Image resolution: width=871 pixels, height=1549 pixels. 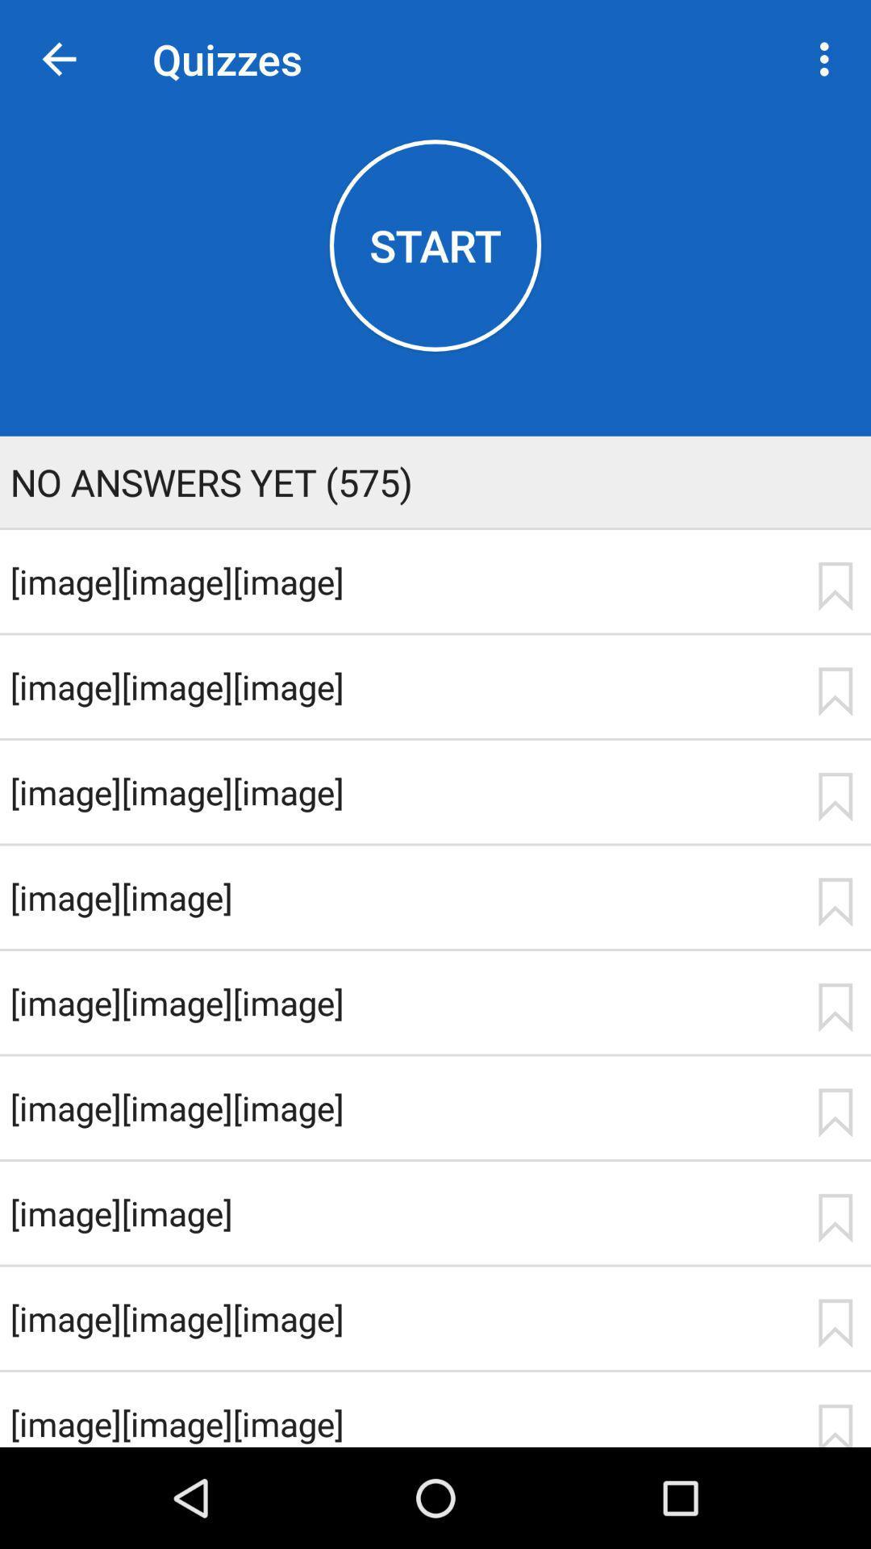 I want to click on first bookmark icon from top, so click(x=835, y=585).